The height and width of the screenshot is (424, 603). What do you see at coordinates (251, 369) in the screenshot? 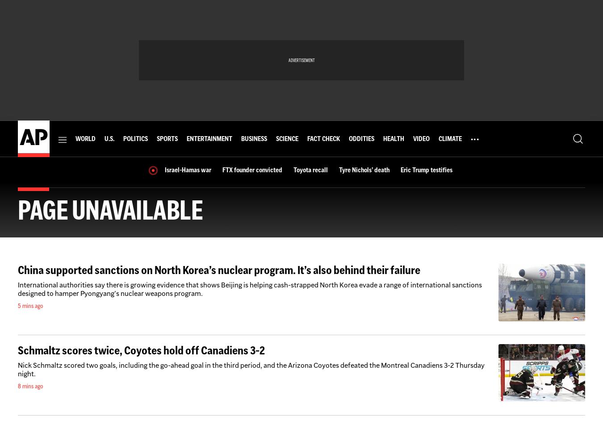
I see `'Nick Schmaltz scored two goals, including the go-ahead goal in the third period, and the Arizona Coyotes defeated the Montreal Canadiens 3-2 Thursday night.'` at bounding box center [251, 369].